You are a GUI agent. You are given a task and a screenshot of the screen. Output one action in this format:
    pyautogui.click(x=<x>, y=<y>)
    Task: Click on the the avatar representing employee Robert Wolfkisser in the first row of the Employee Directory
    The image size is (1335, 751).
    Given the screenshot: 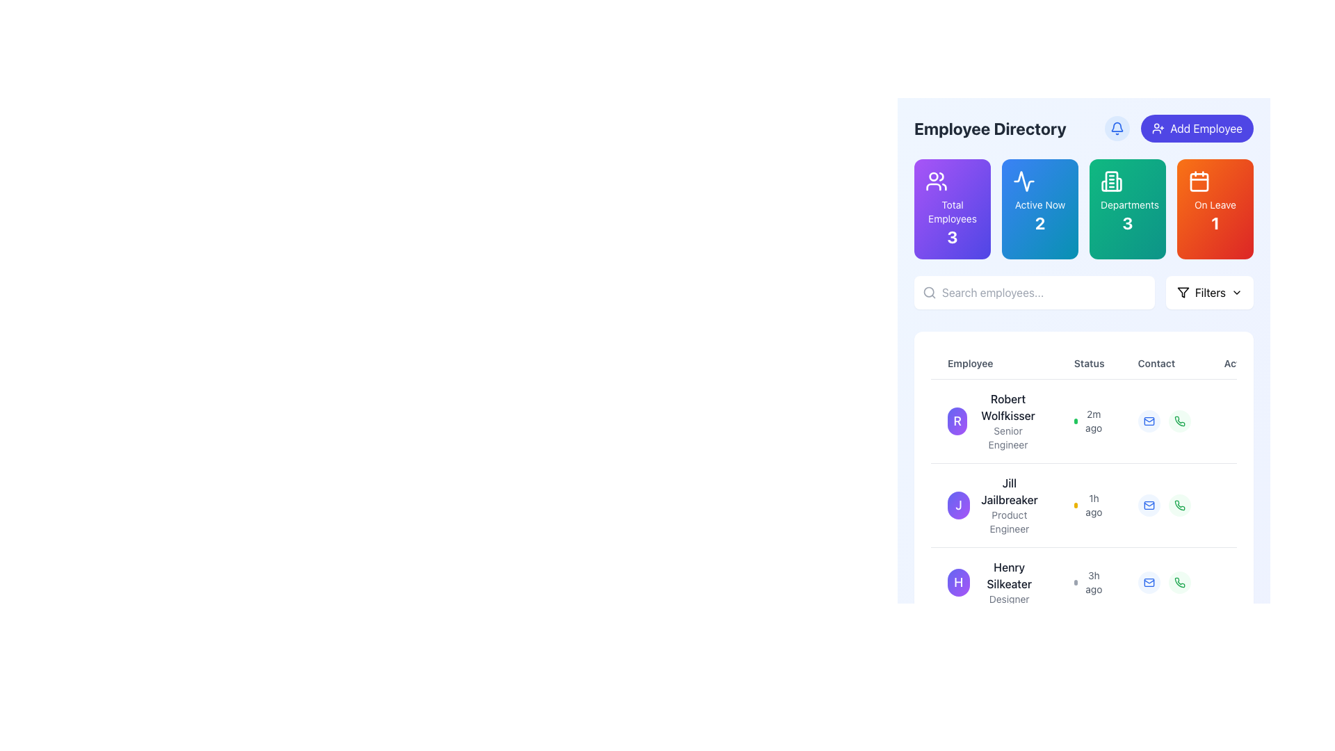 What is the action you would take?
    pyautogui.click(x=957, y=420)
    